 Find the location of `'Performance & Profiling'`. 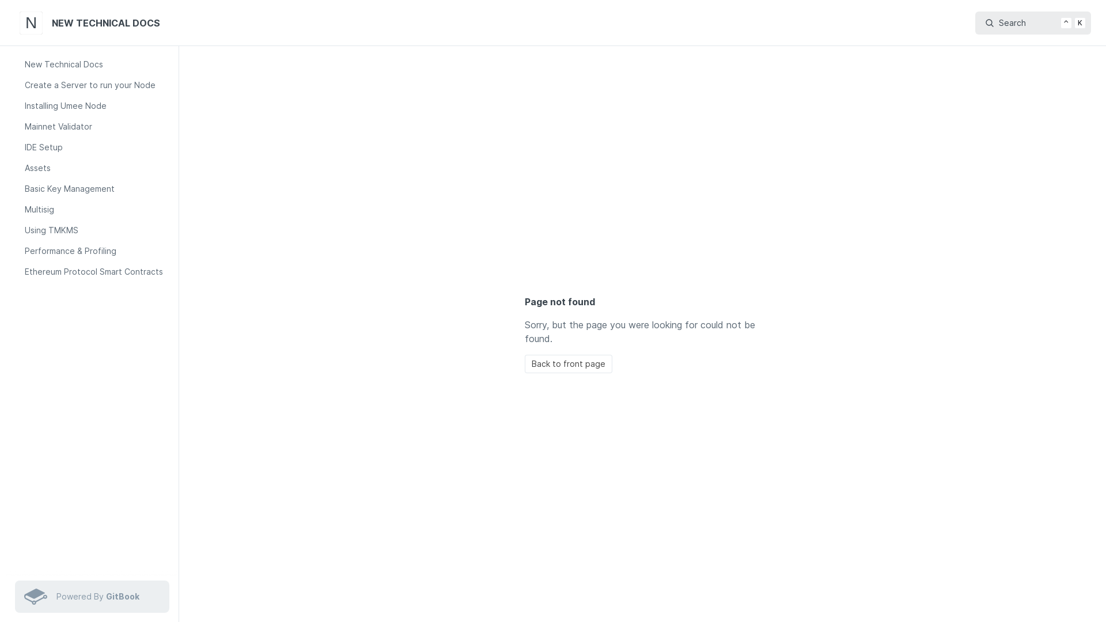

'Performance & Profiling' is located at coordinates (97, 250).